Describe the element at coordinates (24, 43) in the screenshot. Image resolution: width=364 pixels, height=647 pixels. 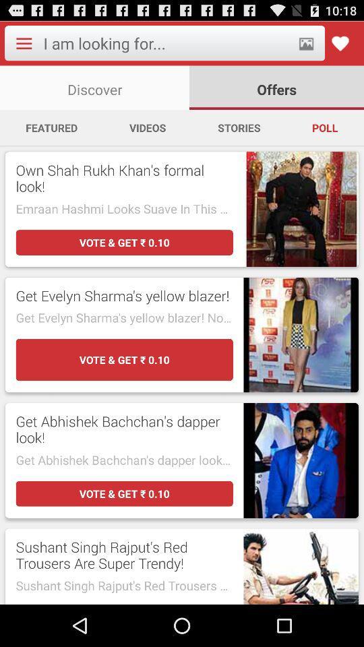
I see `app menu choices` at that location.